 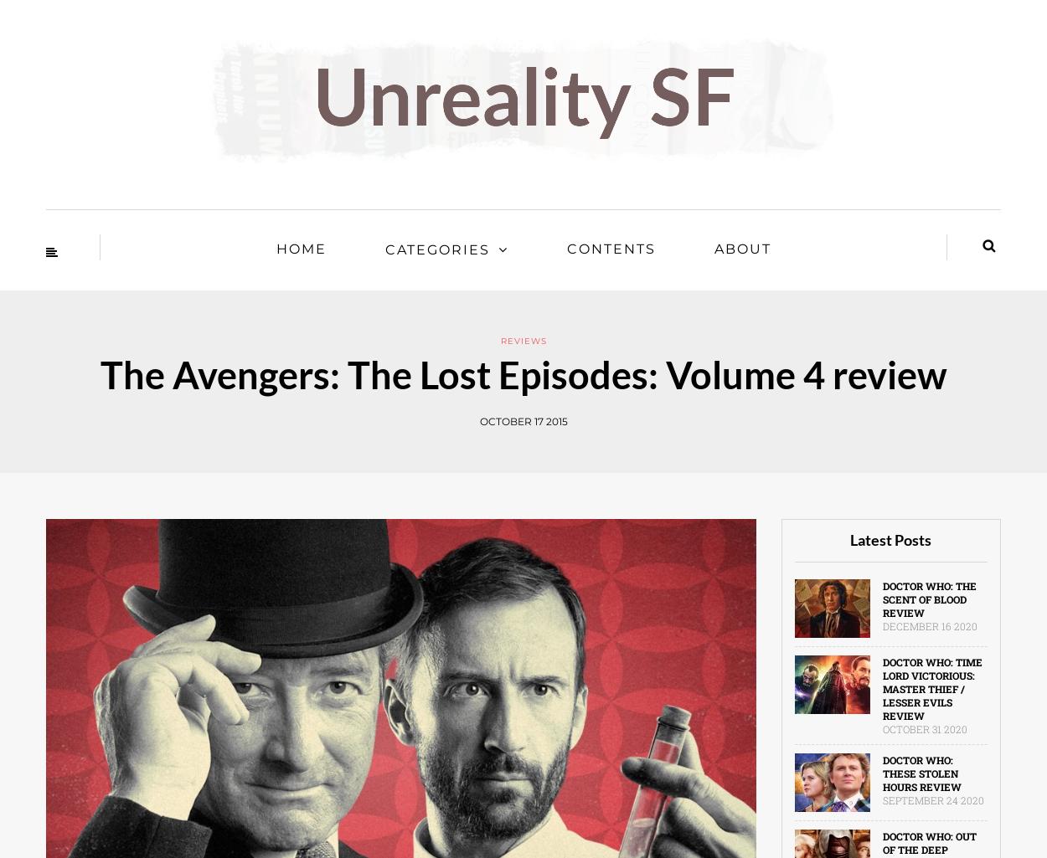 What do you see at coordinates (436, 249) in the screenshot?
I see `'Categories'` at bounding box center [436, 249].